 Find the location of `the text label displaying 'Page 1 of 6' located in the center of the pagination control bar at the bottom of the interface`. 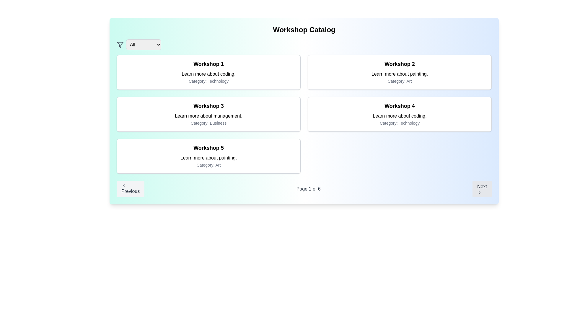

the text label displaying 'Page 1 of 6' located in the center of the pagination control bar at the bottom of the interface is located at coordinates (308, 189).